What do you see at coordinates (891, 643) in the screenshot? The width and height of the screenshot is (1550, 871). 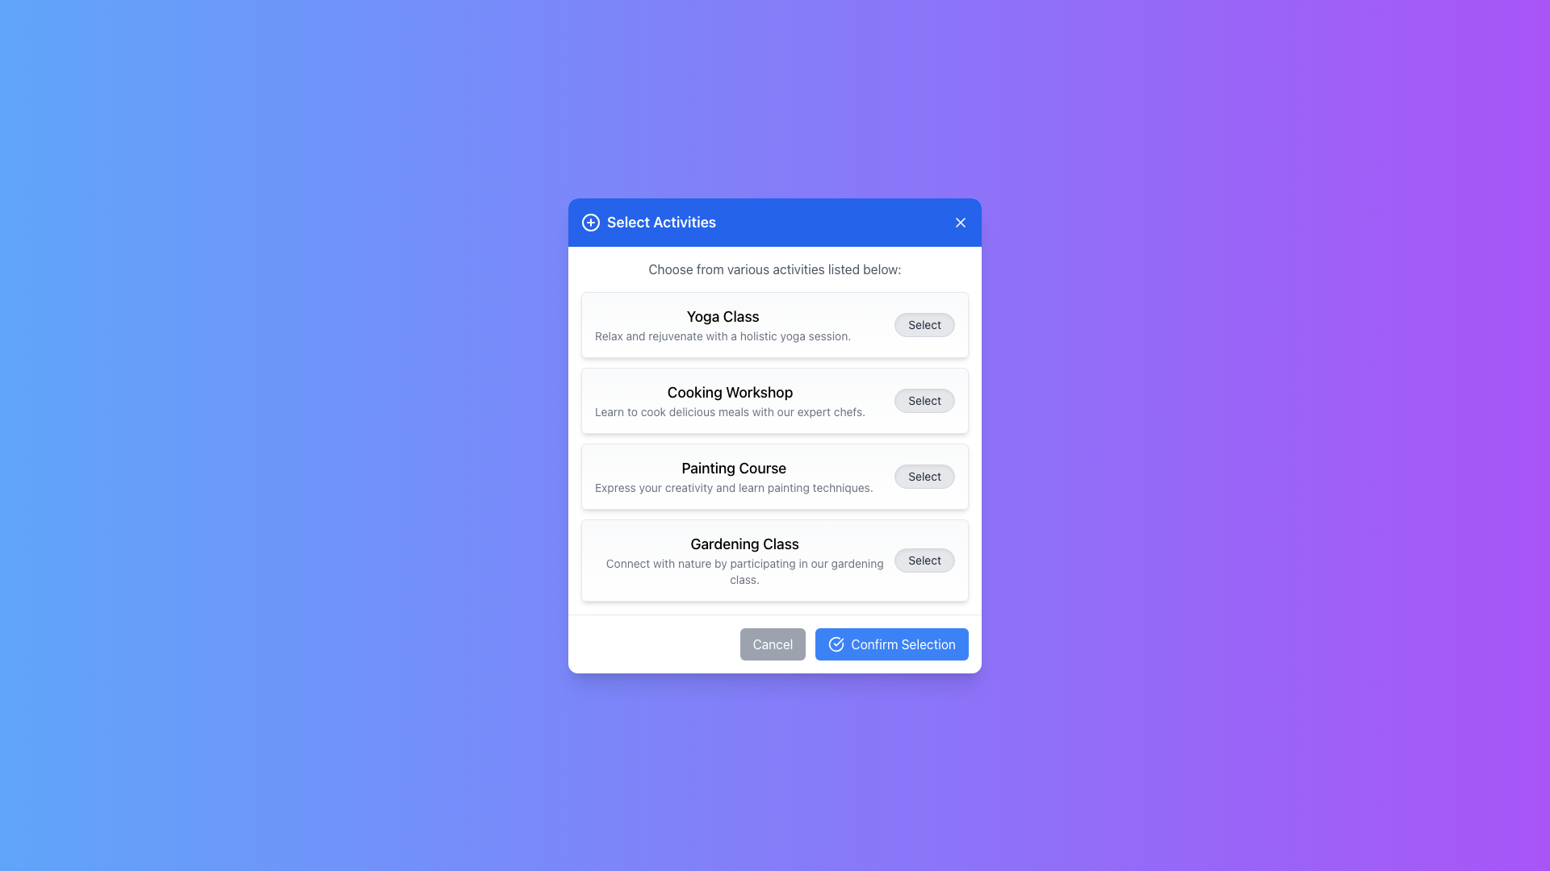 I see `the confirm button located in the bottom-right of the modal dialog, which applies the user's selection and closes the dialog` at bounding box center [891, 643].